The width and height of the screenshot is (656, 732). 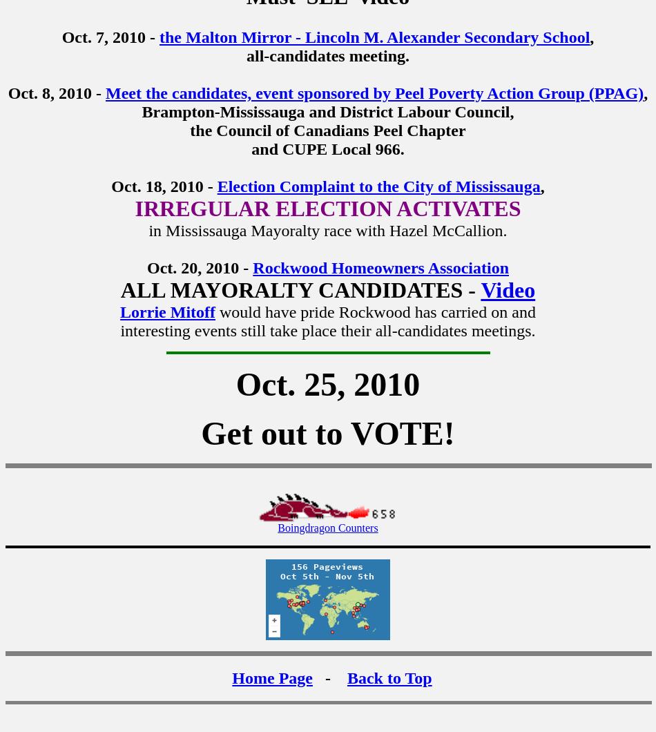 What do you see at coordinates (380, 267) in the screenshot?
I see `'Rockwood Homeowners Association'` at bounding box center [380, 267].